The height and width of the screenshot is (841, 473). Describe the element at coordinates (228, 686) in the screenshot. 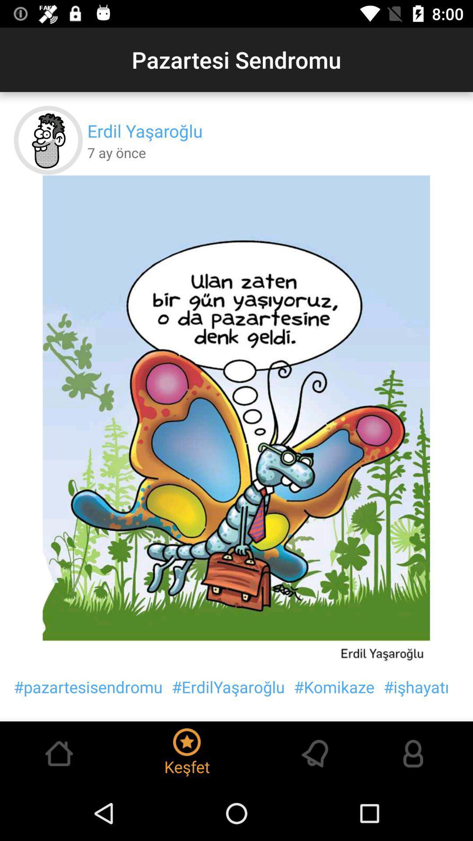

I see `the icon to the left of #komikaze item` at that location.